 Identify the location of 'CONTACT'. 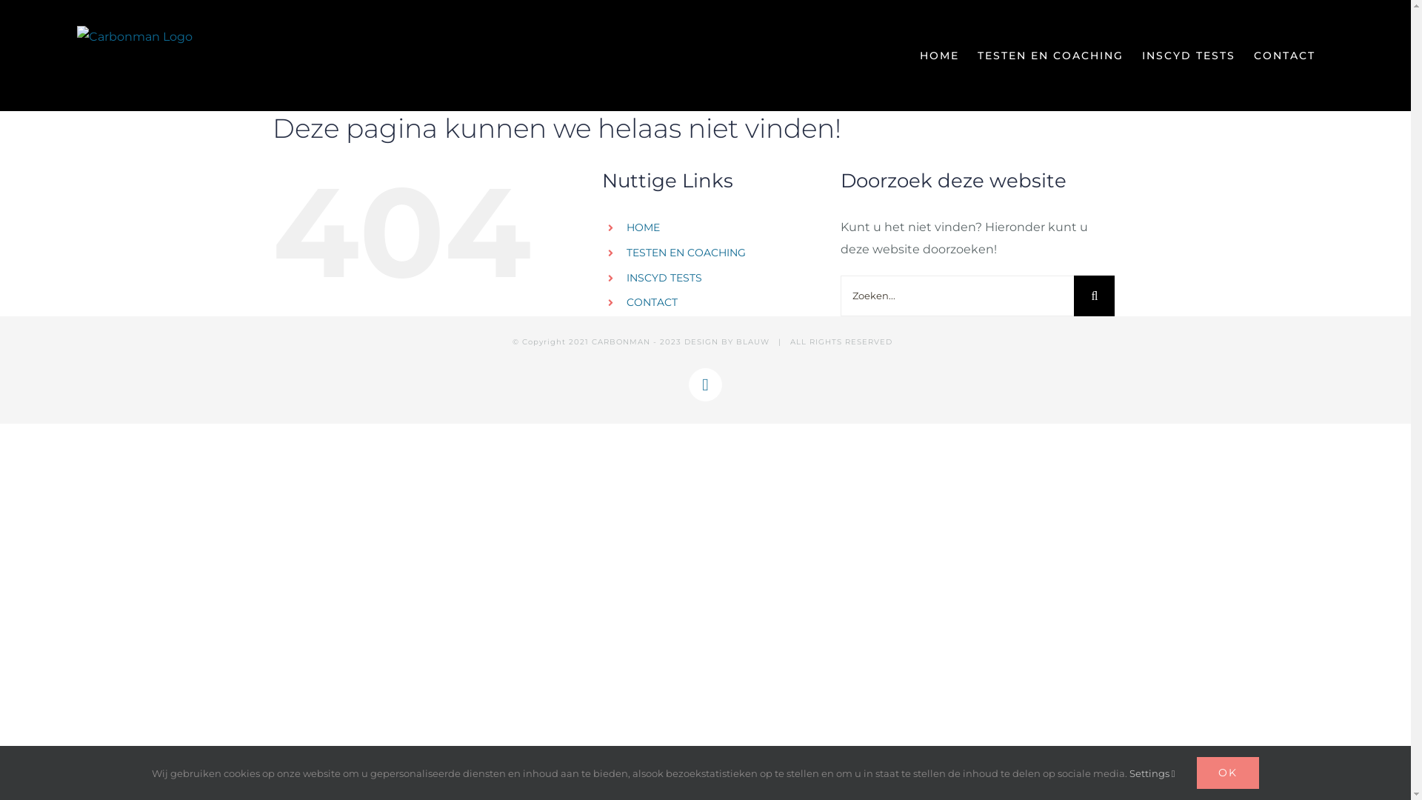
(652, 301).